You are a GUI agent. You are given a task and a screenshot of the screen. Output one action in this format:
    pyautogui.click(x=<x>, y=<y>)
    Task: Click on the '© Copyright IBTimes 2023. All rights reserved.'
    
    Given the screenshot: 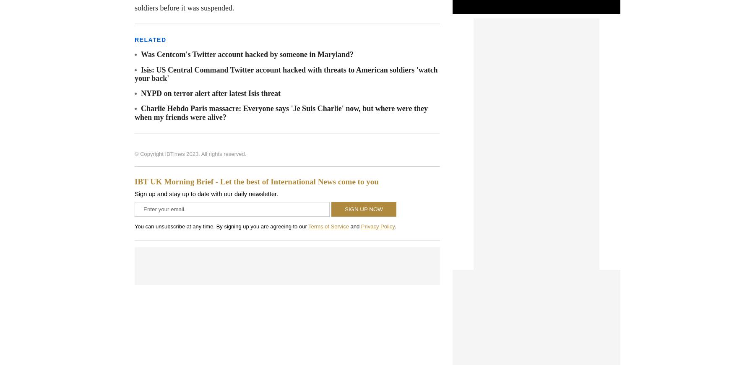 What is the action you would take?
    pyautogui.click(x=190, y=153)
    